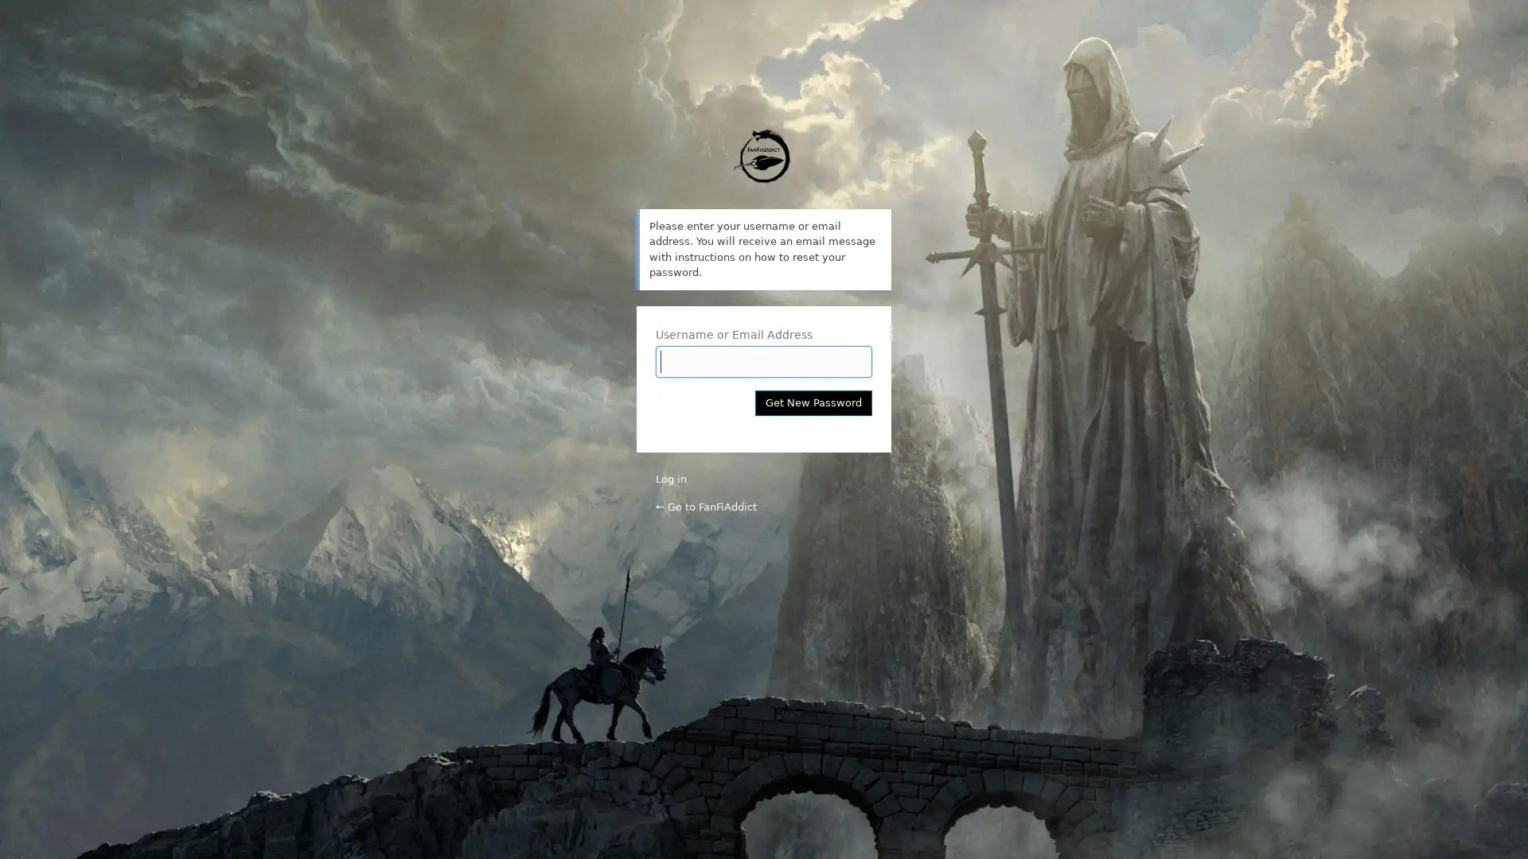  What do you see at coordinates (813, 401) in the screenshot?
I see `Get New Password` at bounding box center [813, 401].